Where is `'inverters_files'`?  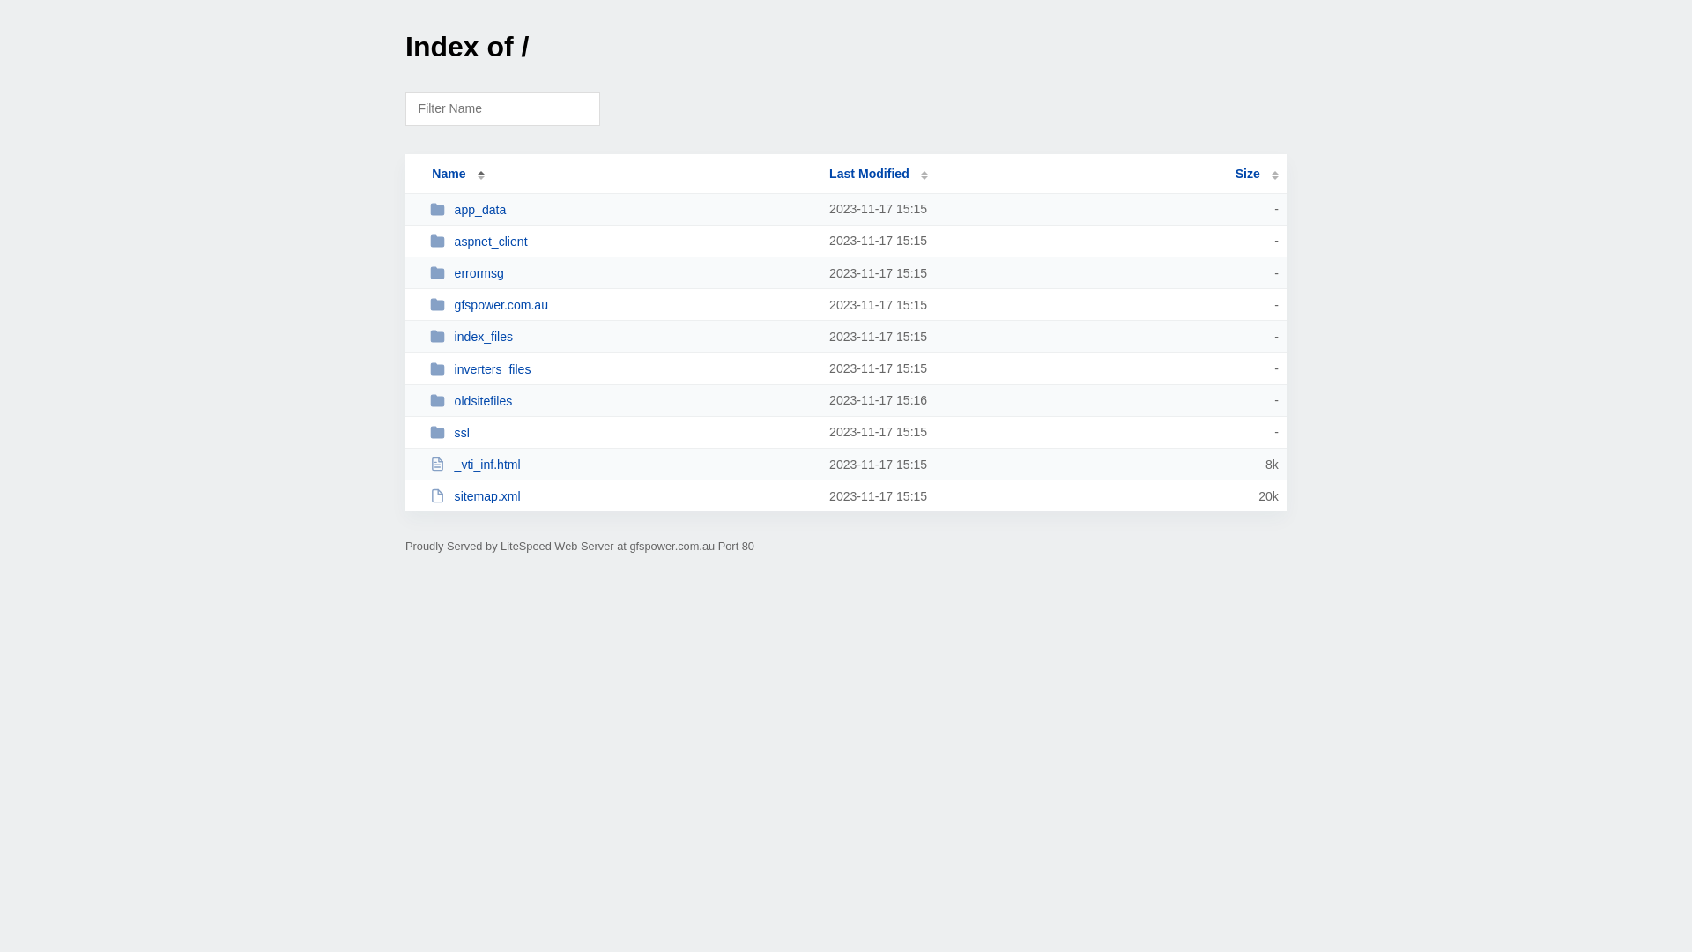
'inverters_files' is located at coordinates (430, 368).